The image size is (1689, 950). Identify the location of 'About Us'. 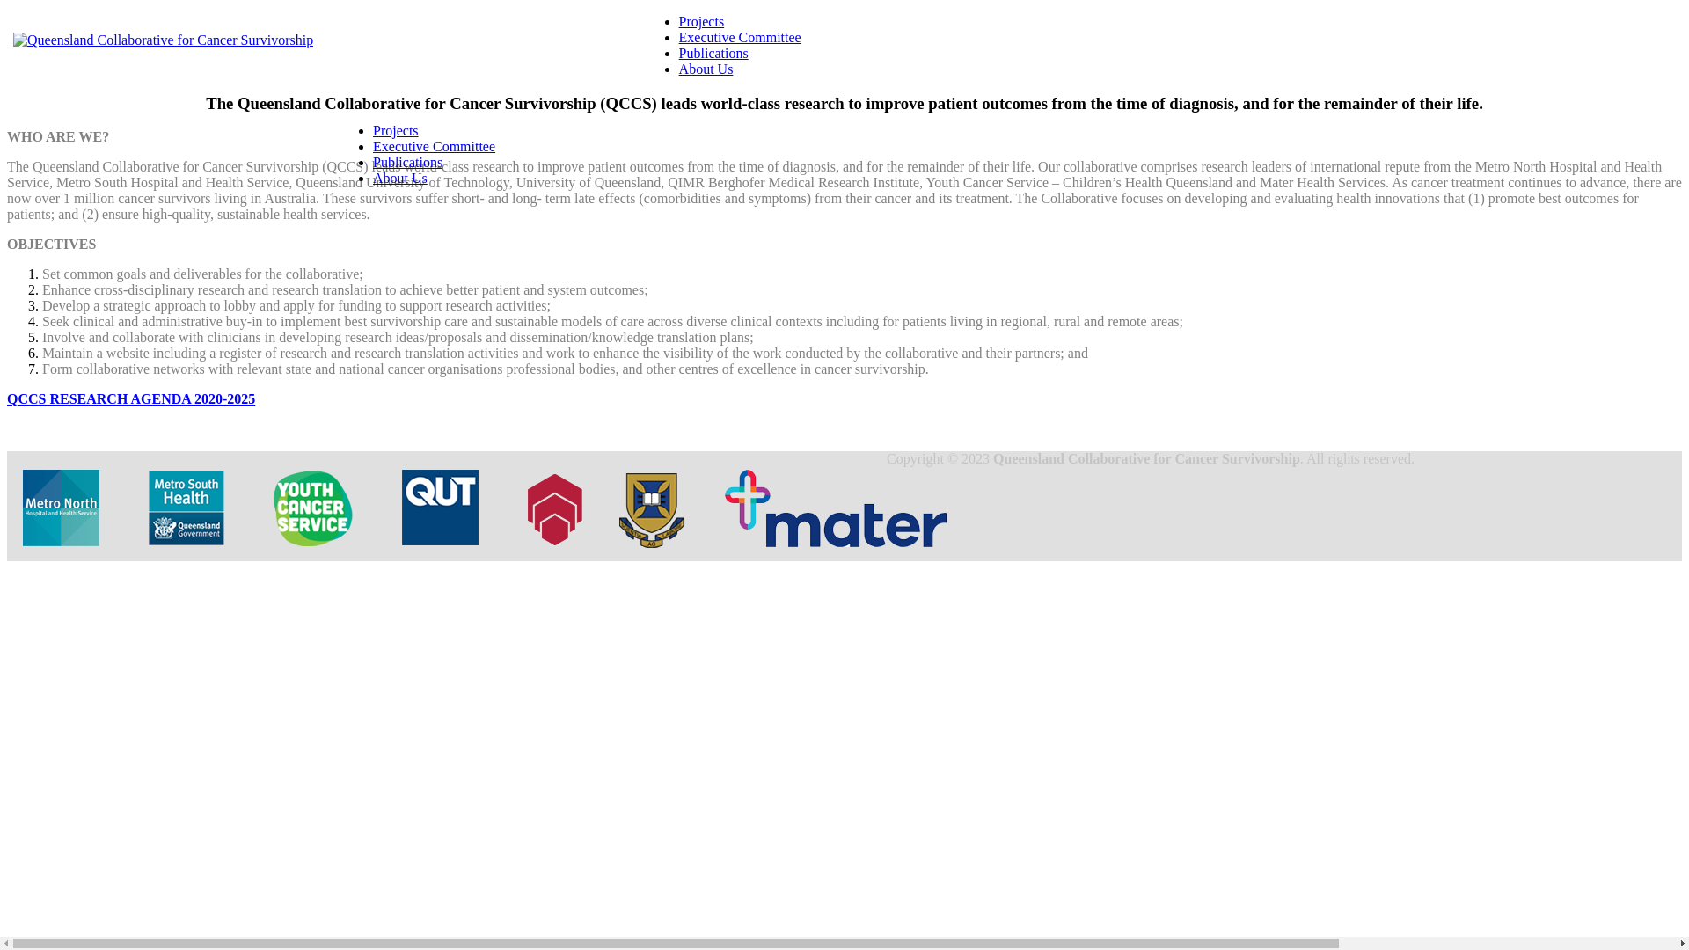
(706, 68).